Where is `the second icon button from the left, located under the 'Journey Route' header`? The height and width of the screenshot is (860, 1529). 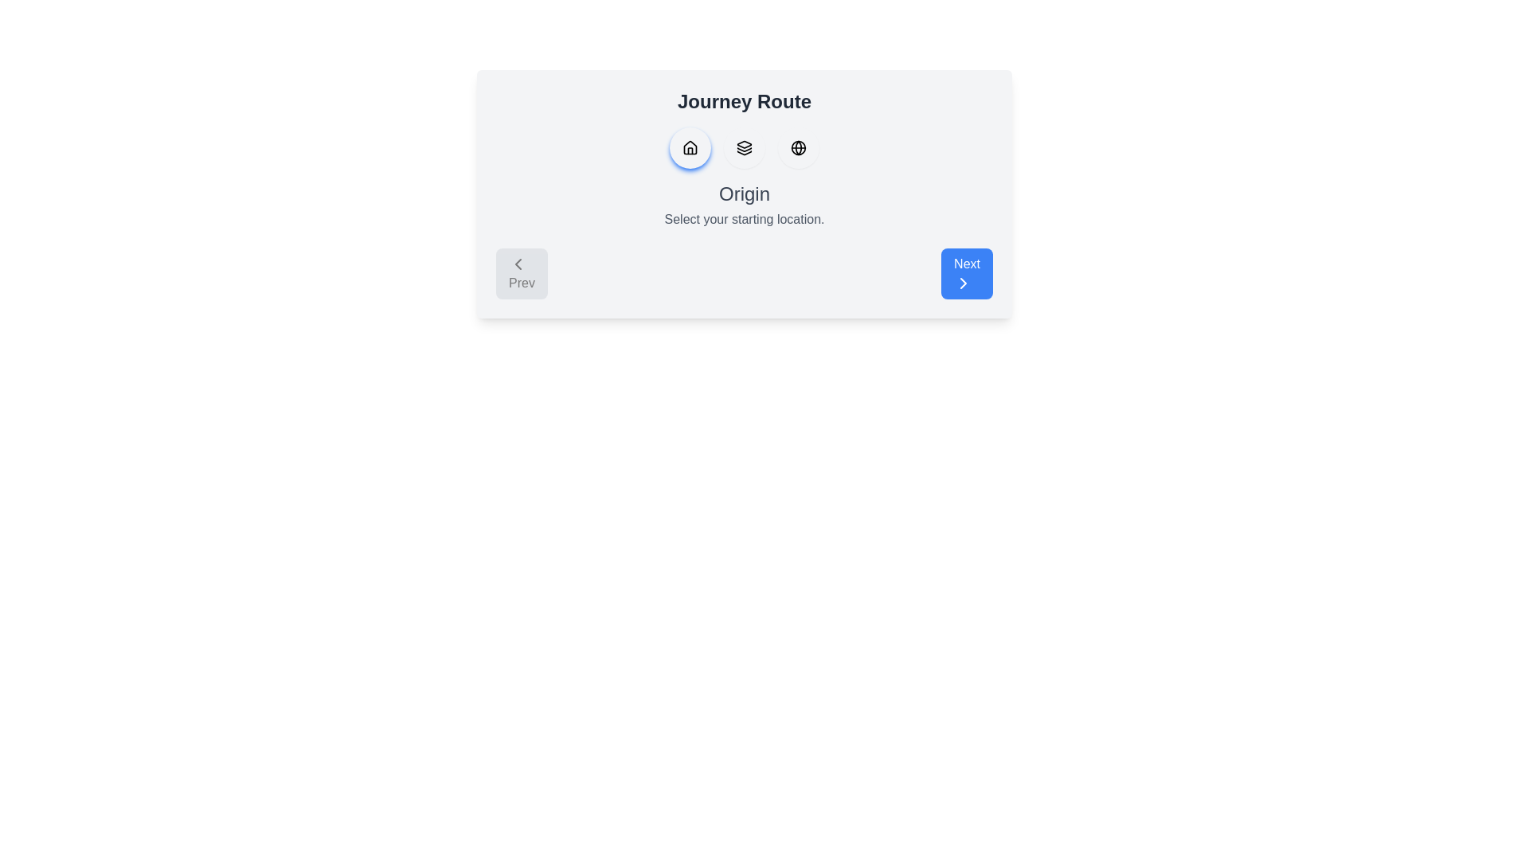 the second icon button from the left, located under the 'Journey Route' header is located at coordinates (744, 147).